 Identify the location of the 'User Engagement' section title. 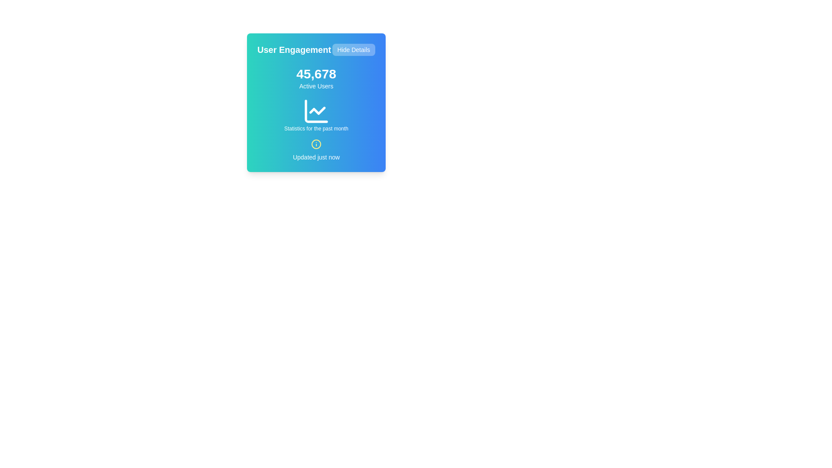
(315, 50).